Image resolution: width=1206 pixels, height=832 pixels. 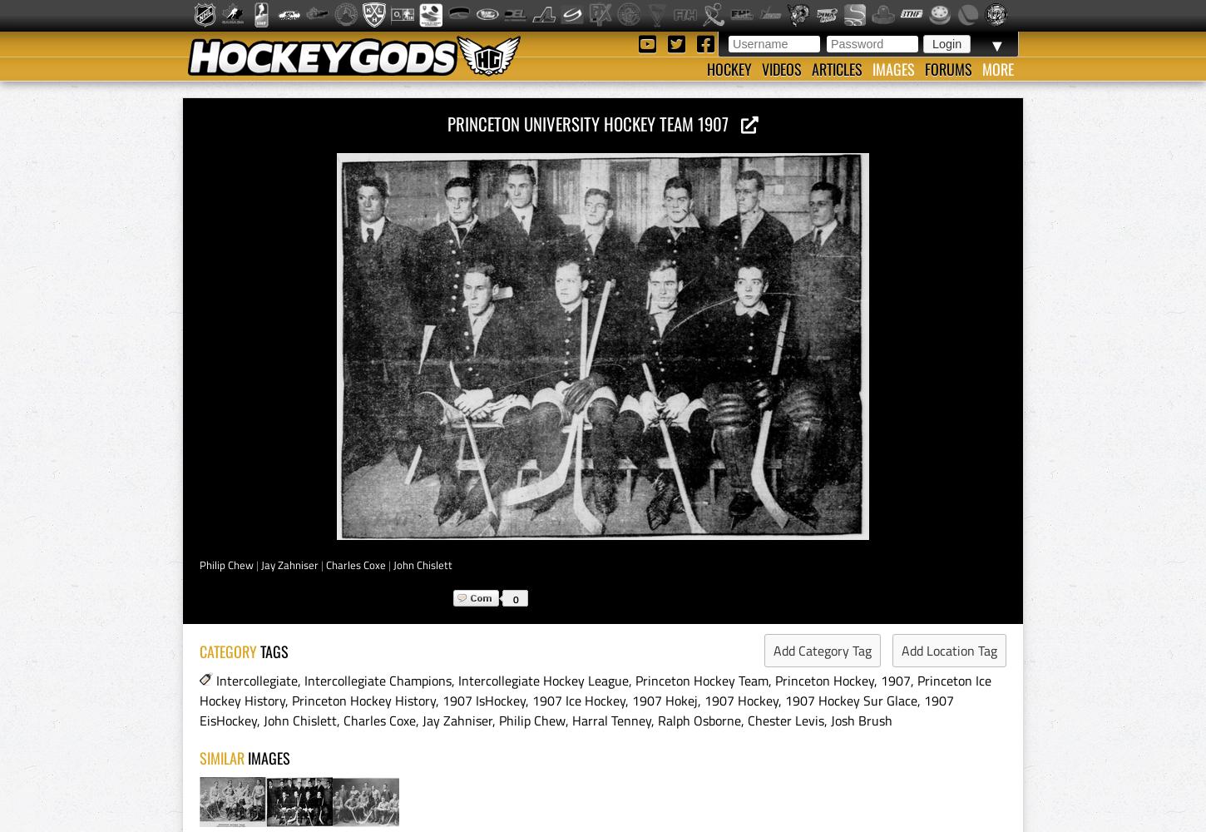 I want to click on 'Images', so click(x=893, y=68).